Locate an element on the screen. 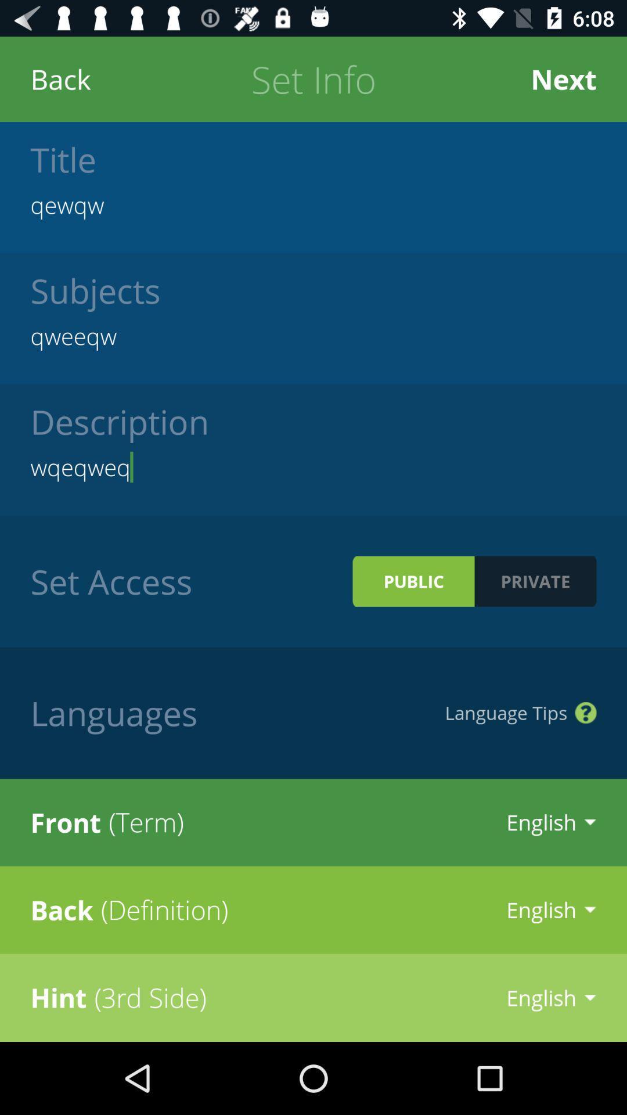 The width and height of the screenshot is (627, 1115). item to the left of private icon is located at coordinates (413, 581).